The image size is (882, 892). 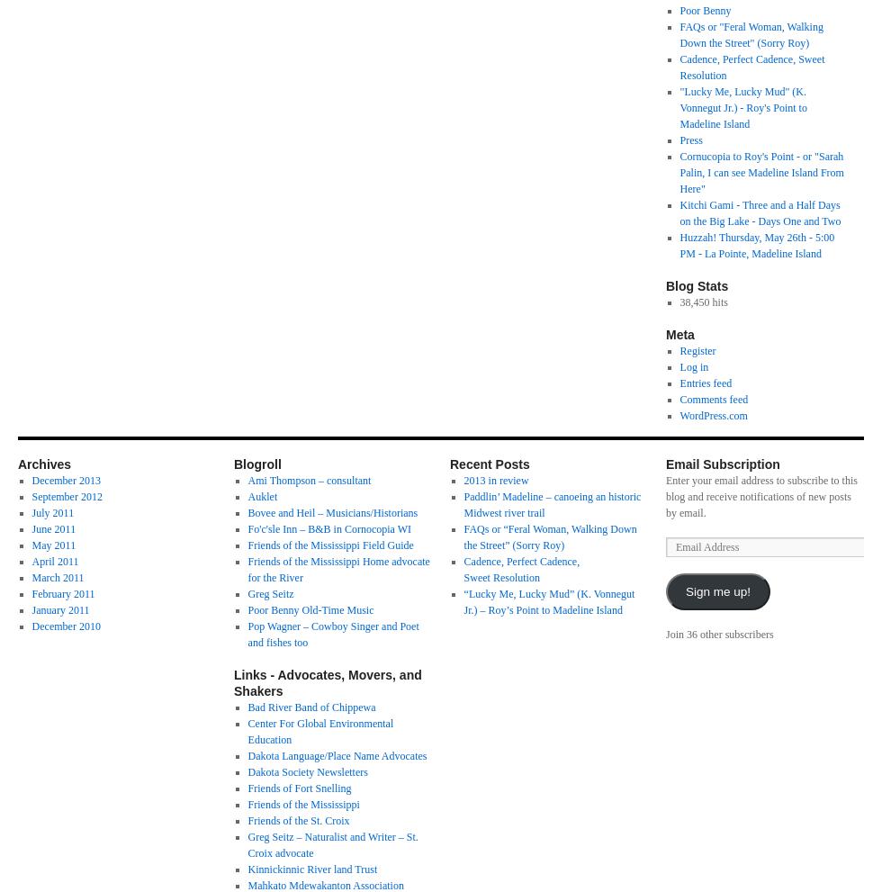 What do you see at coordinates (717, 590) in the screenshot?
I see `'Sign me up!'` at bounding box center [717, 590].